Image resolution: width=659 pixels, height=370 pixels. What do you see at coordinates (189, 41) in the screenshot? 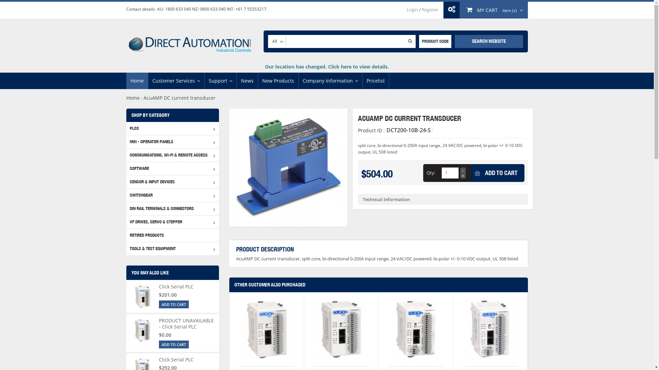
I see `'Direct Automation'` at bounding box center [189, 41].